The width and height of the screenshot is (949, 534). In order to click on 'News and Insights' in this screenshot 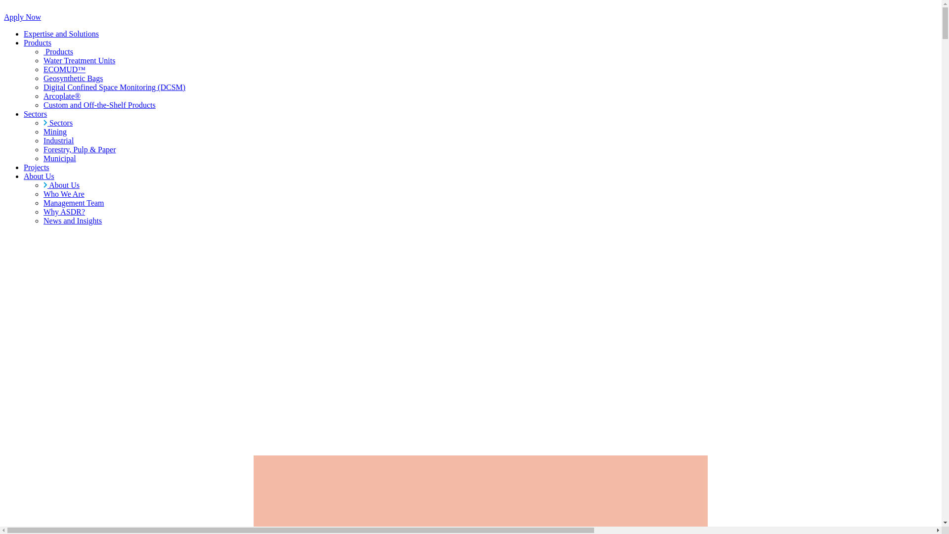, I will do `click(72, 220)`.